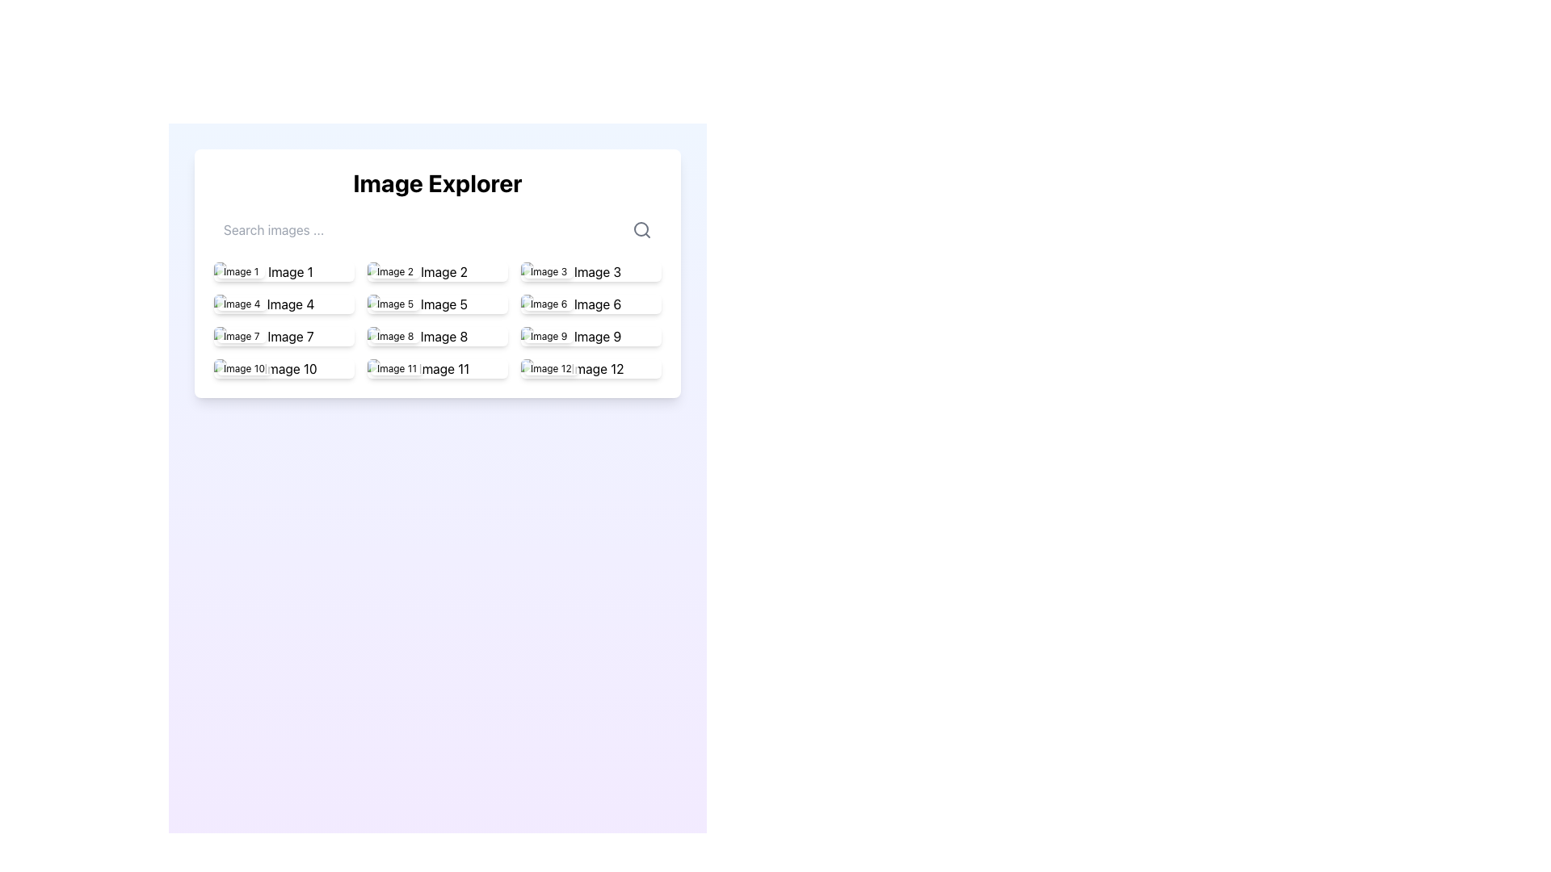  I want to click on text content of the label displaying 'Image 12' located in the bottom-left corner of the last image thumbnail in the 'Image Explorer' interface, so click(551, 368).